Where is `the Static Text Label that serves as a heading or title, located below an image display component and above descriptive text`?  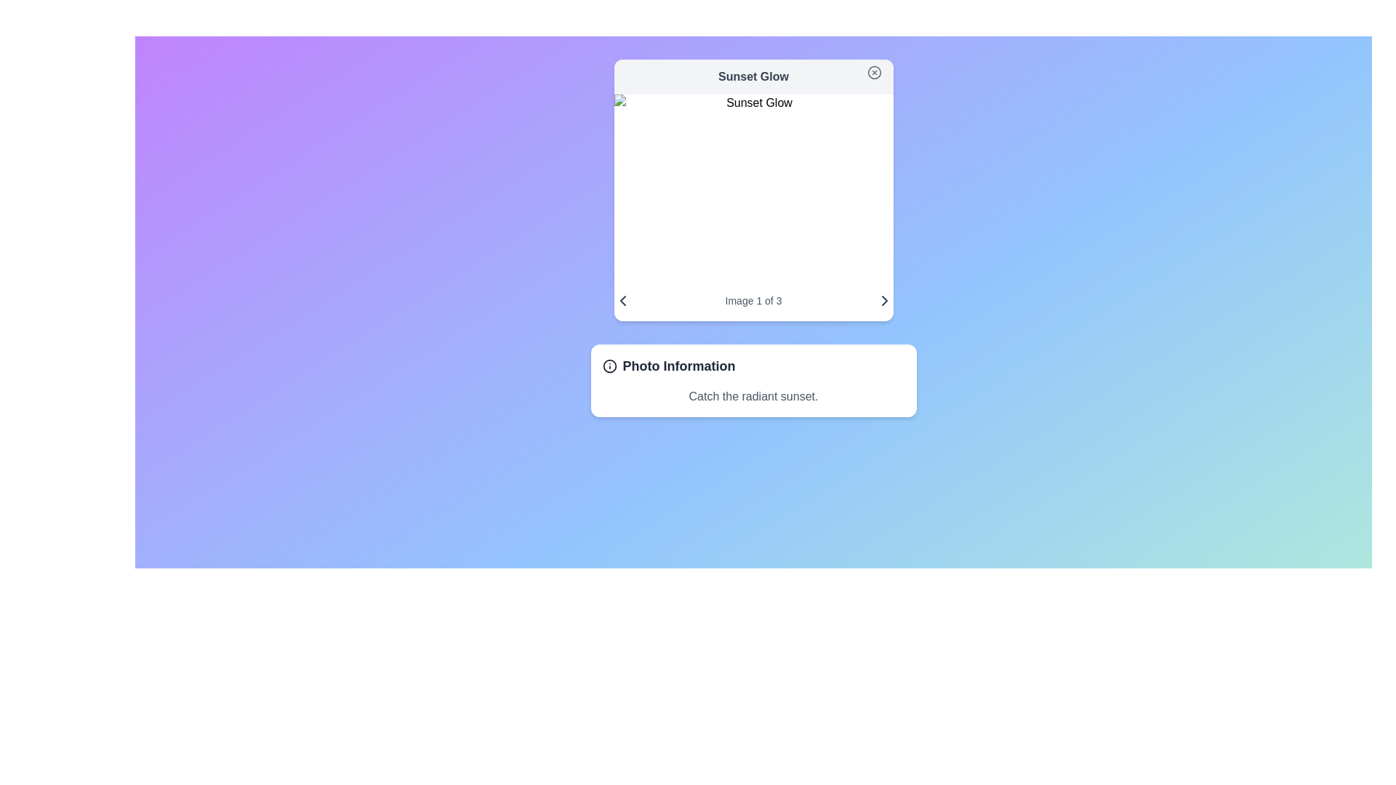
the Static Text Label that serves as a heading or title, located below an image display component and above descriptive text is located at coordinates (678, 366).